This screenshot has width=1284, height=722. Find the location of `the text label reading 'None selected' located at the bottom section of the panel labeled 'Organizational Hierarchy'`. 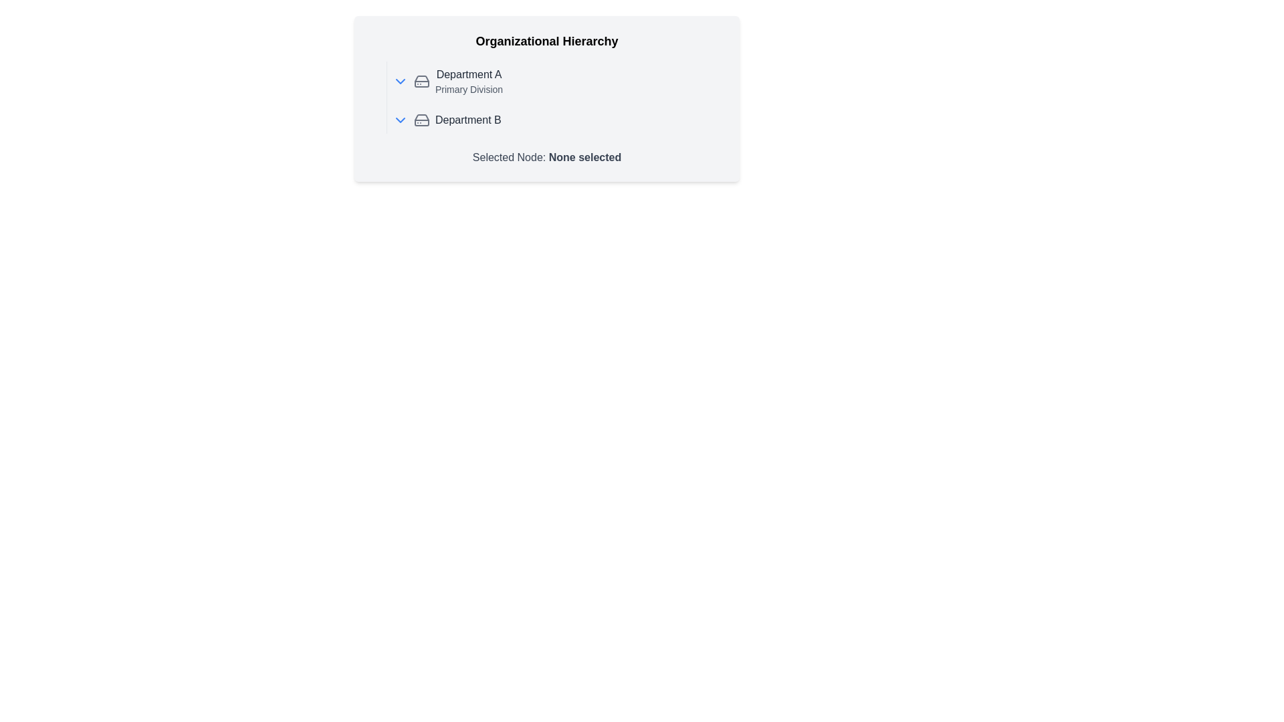

the text label reading 'None selected' located at the bottom section of the panel labeled 'Organizational Hierarchy' is located at coordinates (584, 156).